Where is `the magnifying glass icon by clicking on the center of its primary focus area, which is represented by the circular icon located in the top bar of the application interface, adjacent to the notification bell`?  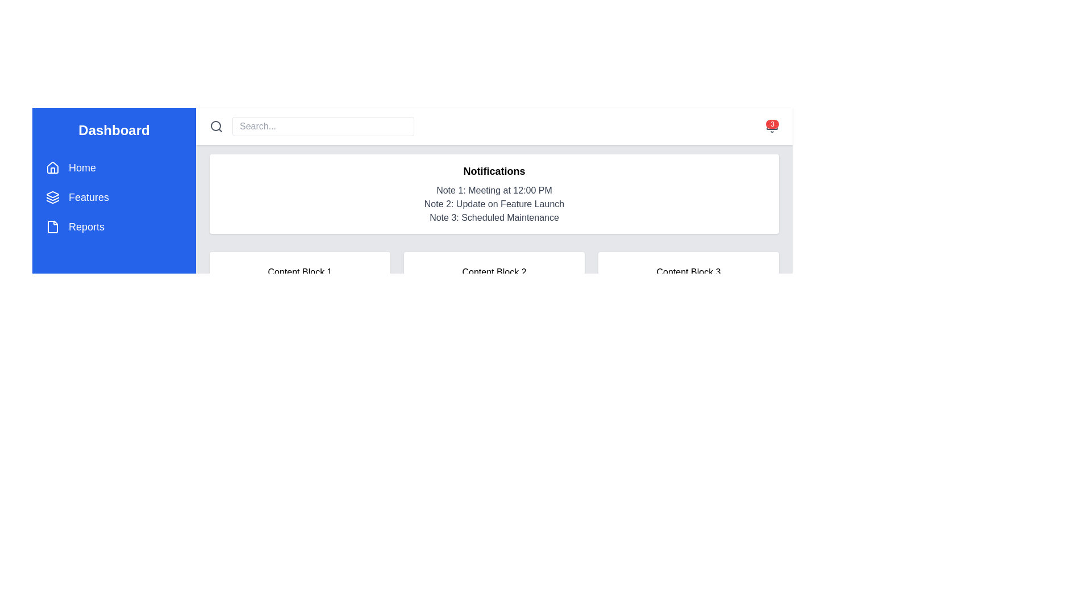 the magnifying glass icon by clicking on the center of its primary focus area, which is represented by the circular icon located in the top bar of the application interface, adjacent to the notification bell is located at coordinates (215, 126).